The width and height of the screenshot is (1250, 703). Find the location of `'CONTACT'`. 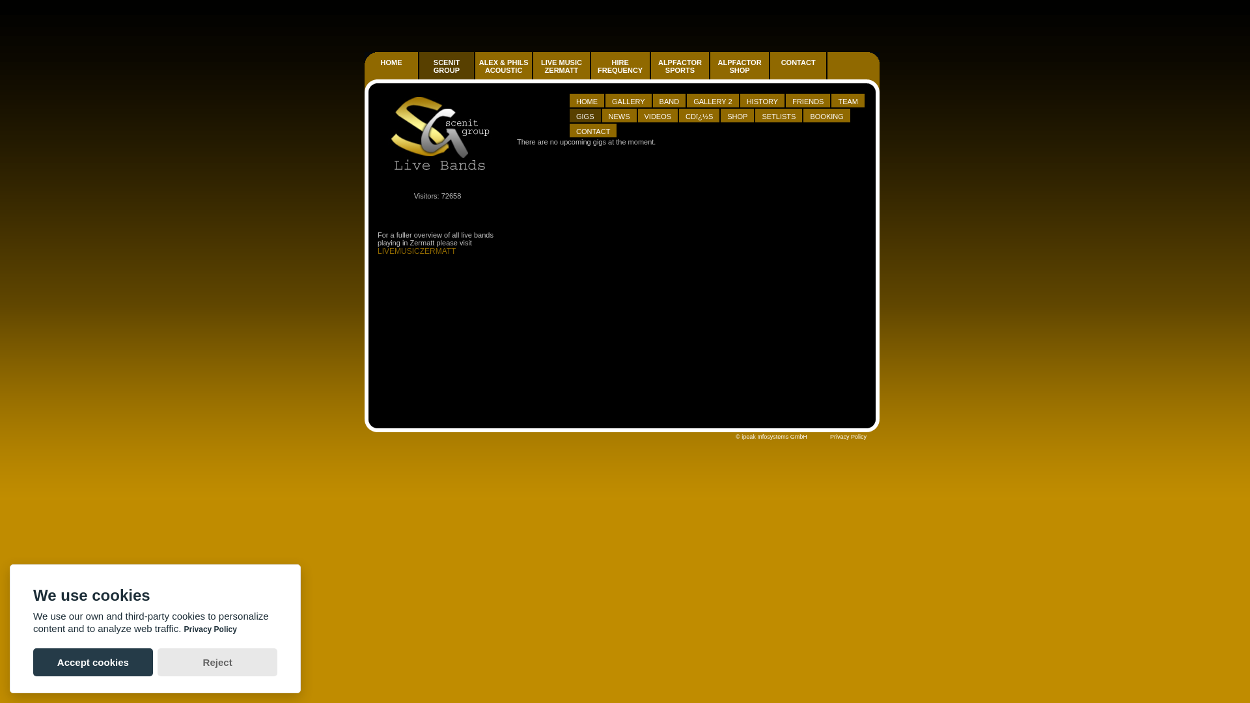

'CONTACT' is located at coordinates (569, 130).